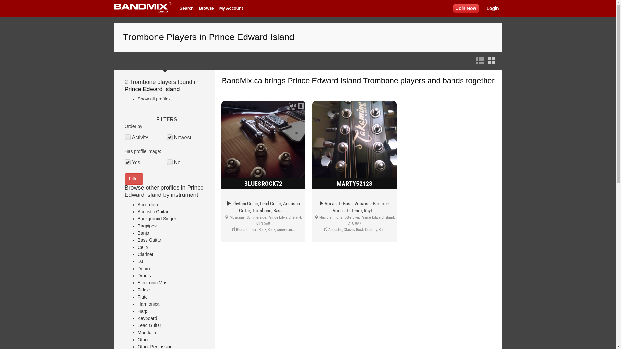  I want to click on 'Dobro', so click(144, 268).